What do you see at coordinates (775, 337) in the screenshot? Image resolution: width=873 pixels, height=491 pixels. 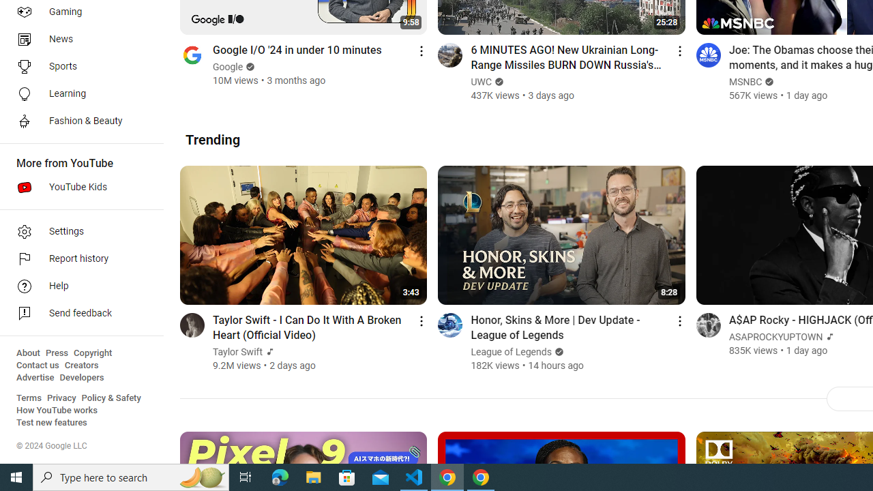 I see `'ASAPROCKYUPTOWN'` at bounding box center [775, 337].